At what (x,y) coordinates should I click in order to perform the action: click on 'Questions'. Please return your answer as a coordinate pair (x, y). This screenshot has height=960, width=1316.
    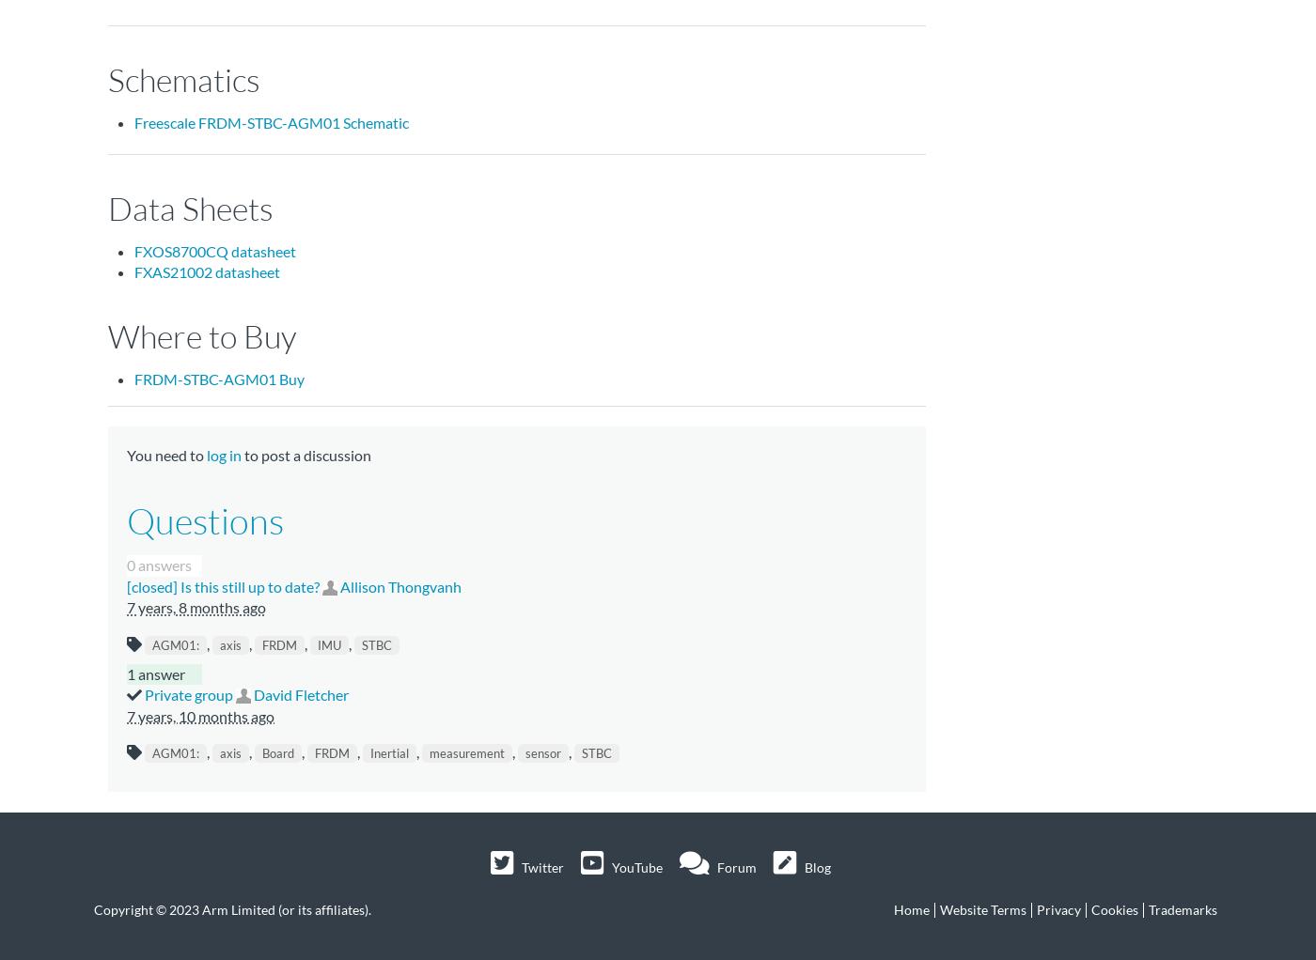
    Looking at the image, I should click on (205, 520).